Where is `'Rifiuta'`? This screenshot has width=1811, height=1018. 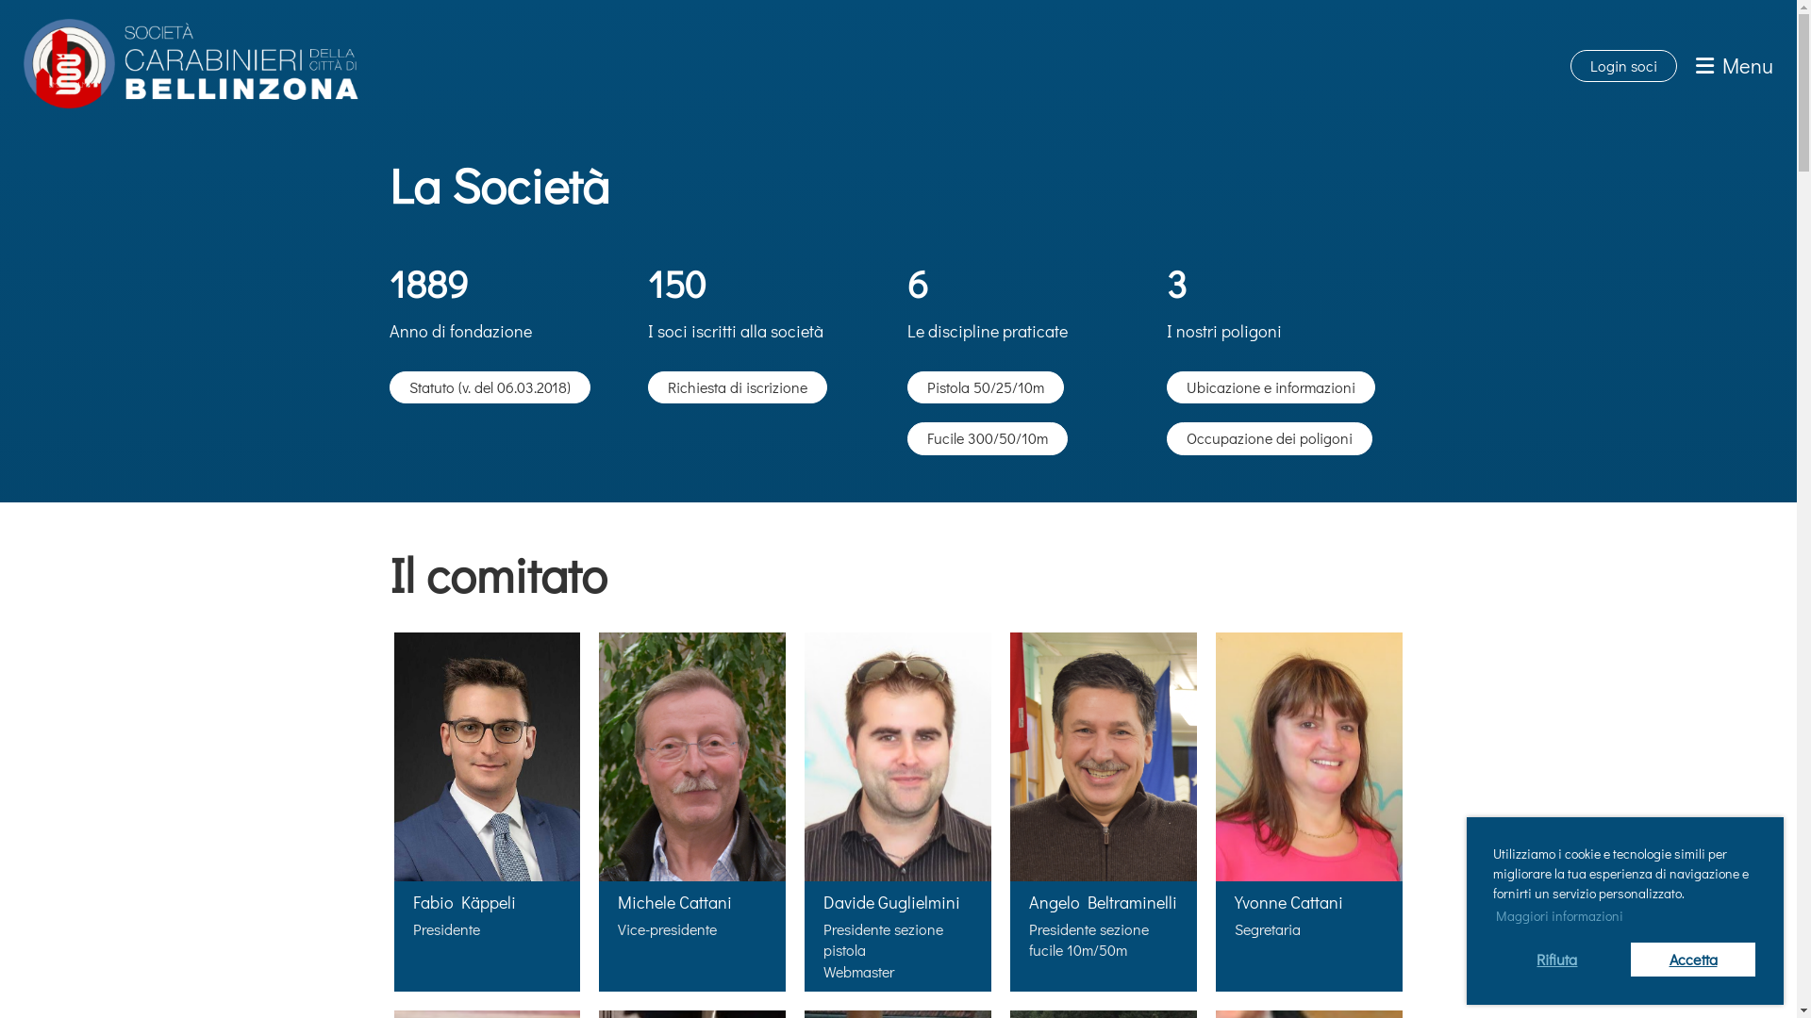
'Rifiuta' is located at coordinates (1492, 960).